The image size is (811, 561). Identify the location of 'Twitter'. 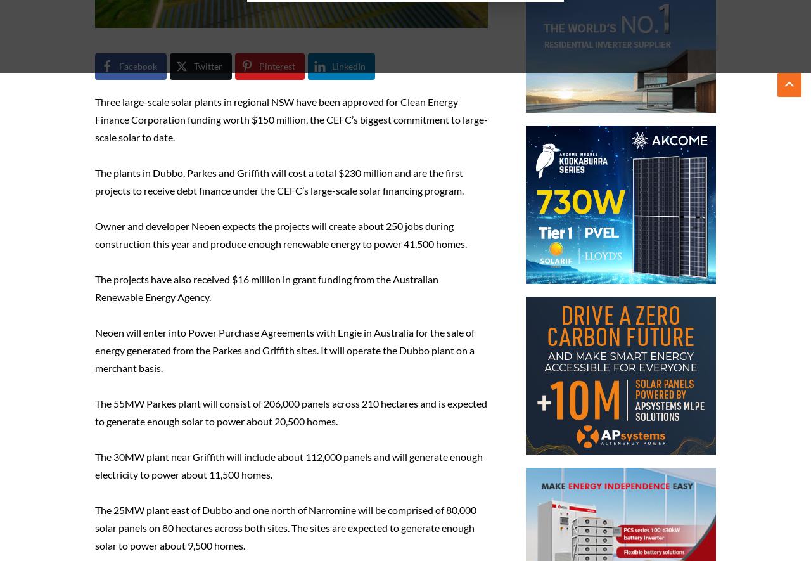
(208, 66).